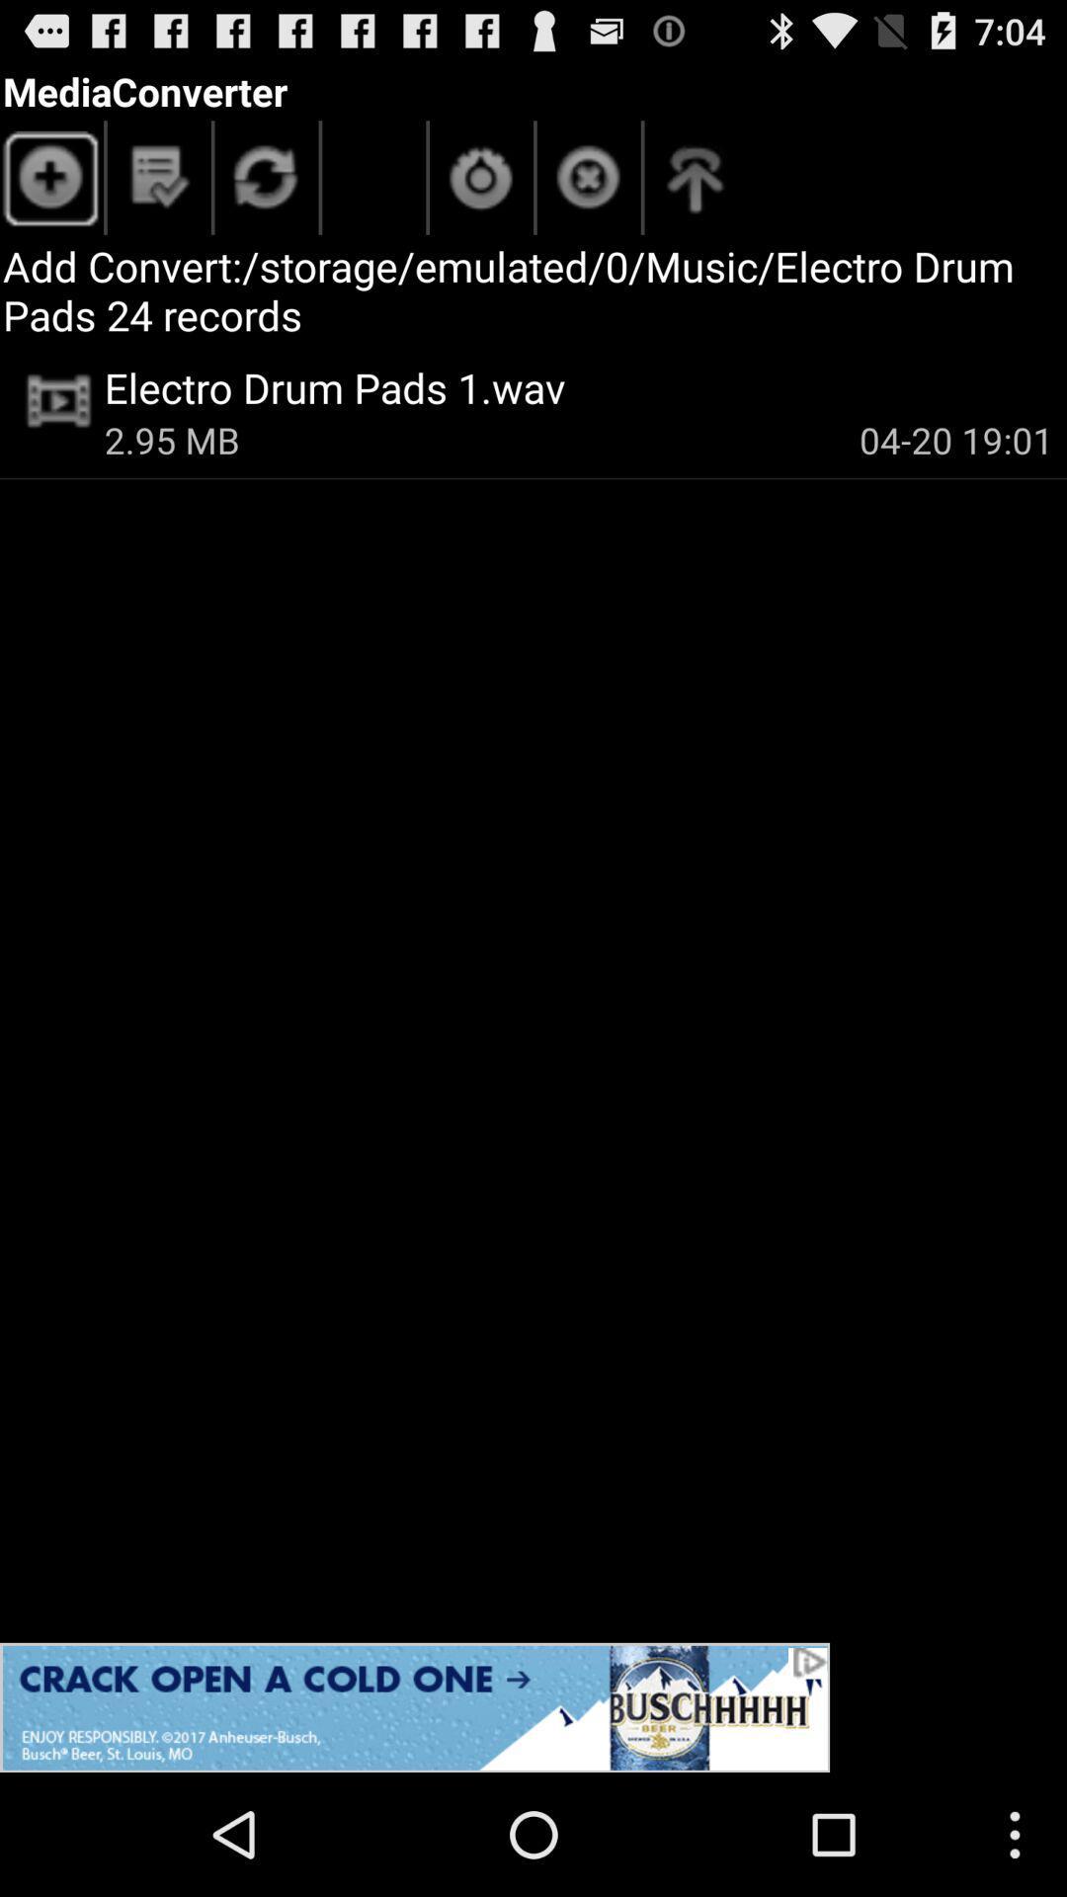  I want to click on refresh, so click(267, 183).